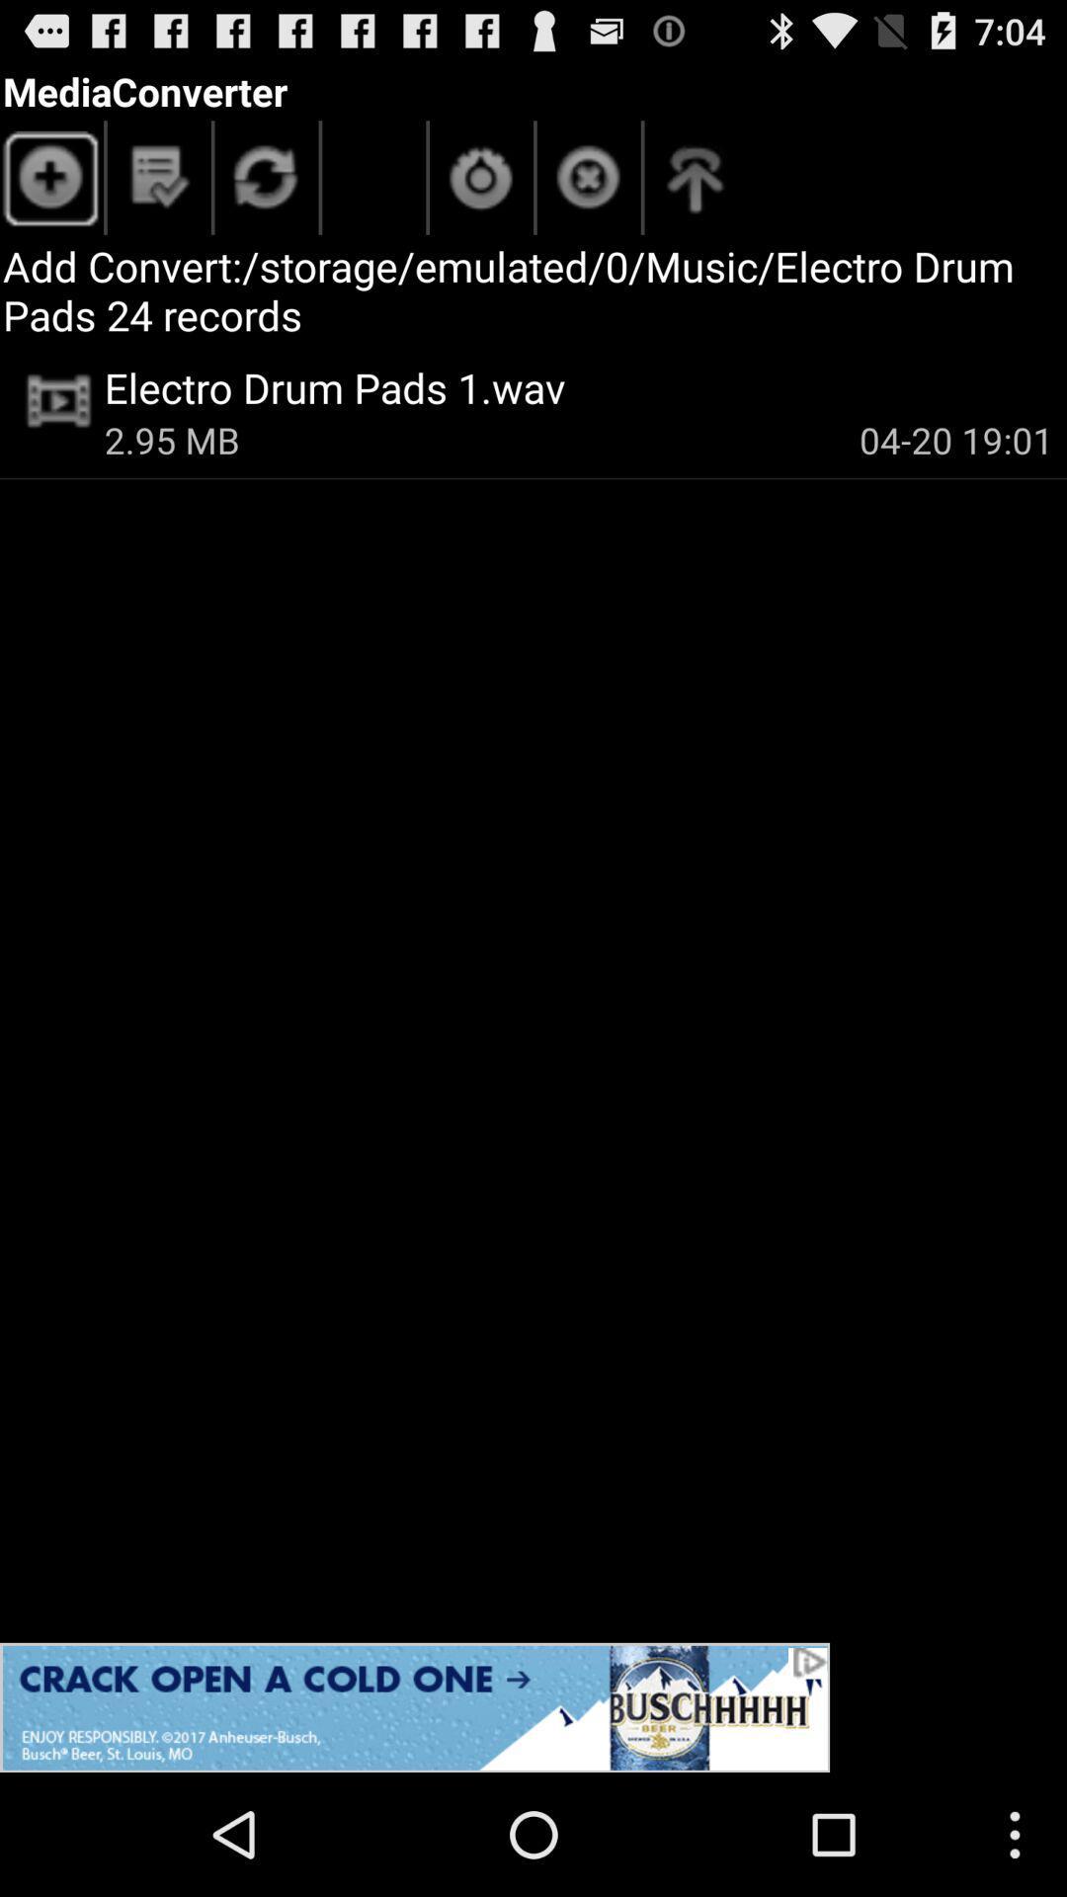  I want to click on refresh, so click(267, 183).